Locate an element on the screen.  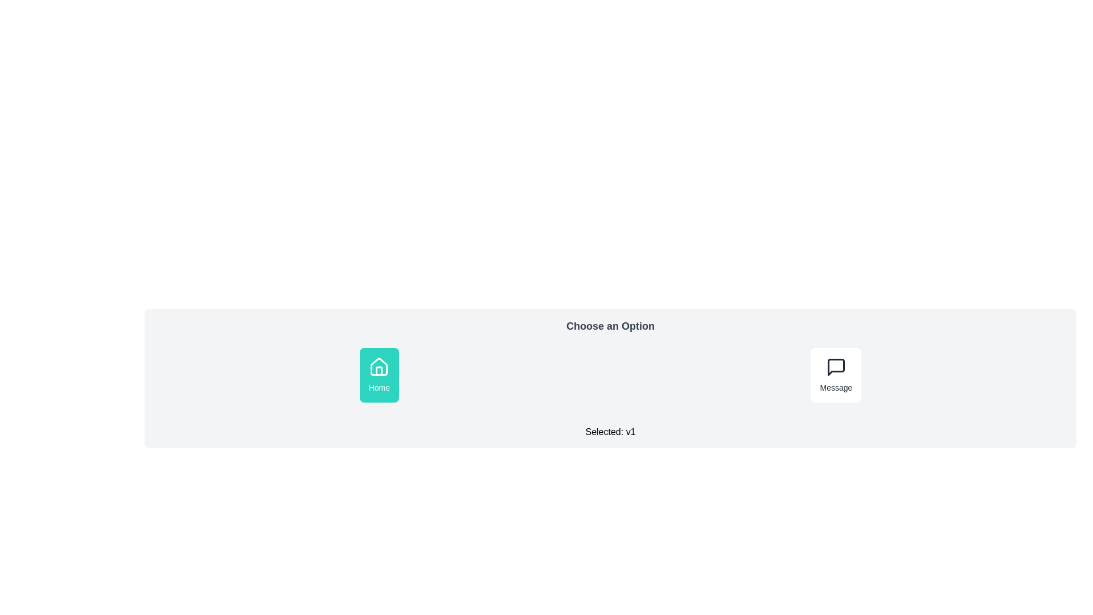
the messaging icon located in the upper section of the 'Message' tile, directly above the text 'Message', which is centrally aligned within the tile is located at coordinates (836, 367).